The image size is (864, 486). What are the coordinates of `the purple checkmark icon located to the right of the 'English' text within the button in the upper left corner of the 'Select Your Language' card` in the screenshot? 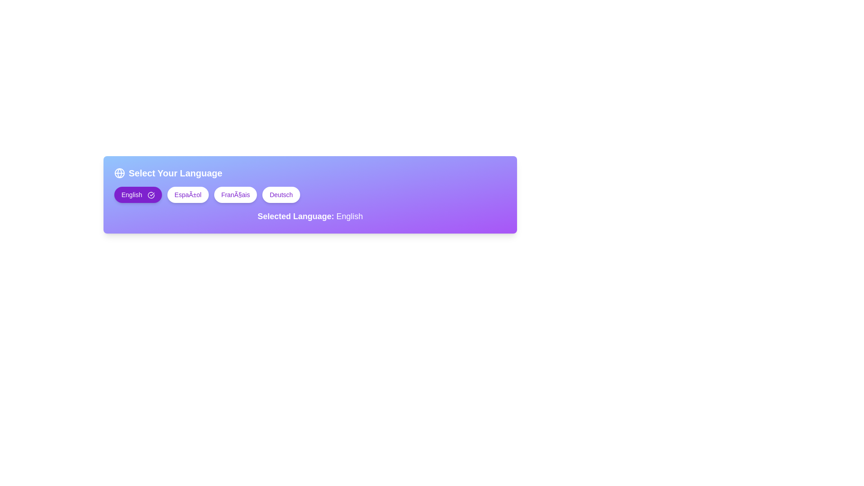 It's located at (151, 195).